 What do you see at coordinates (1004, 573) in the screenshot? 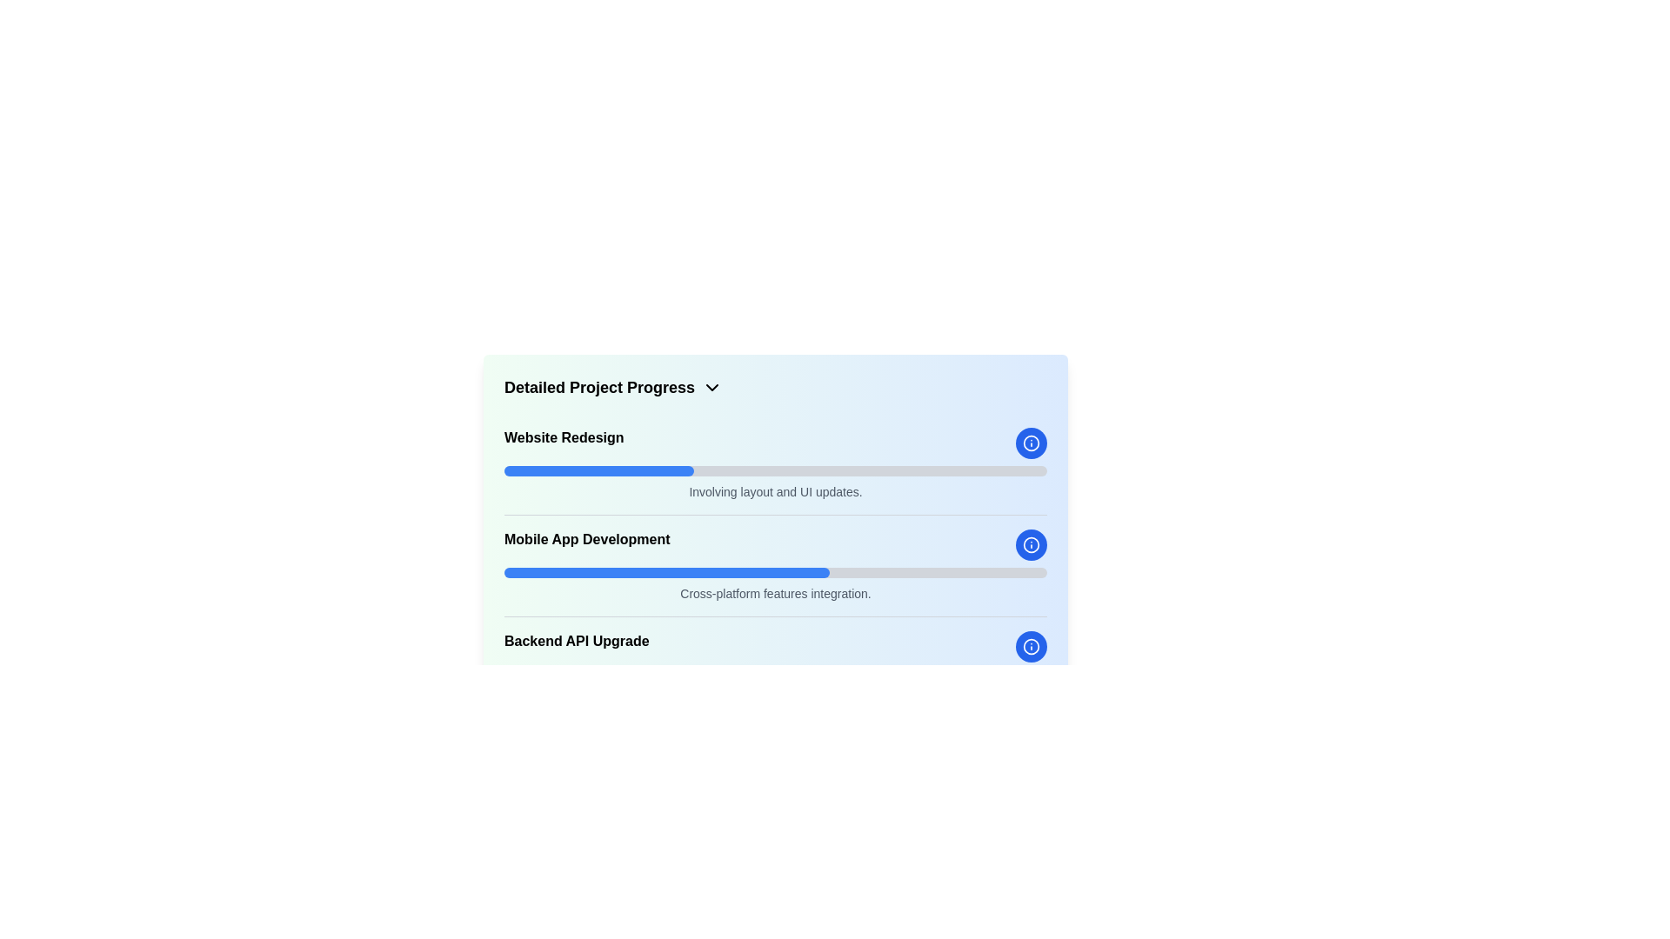
I see `progress bar value` at bounding box center [1004, 573].